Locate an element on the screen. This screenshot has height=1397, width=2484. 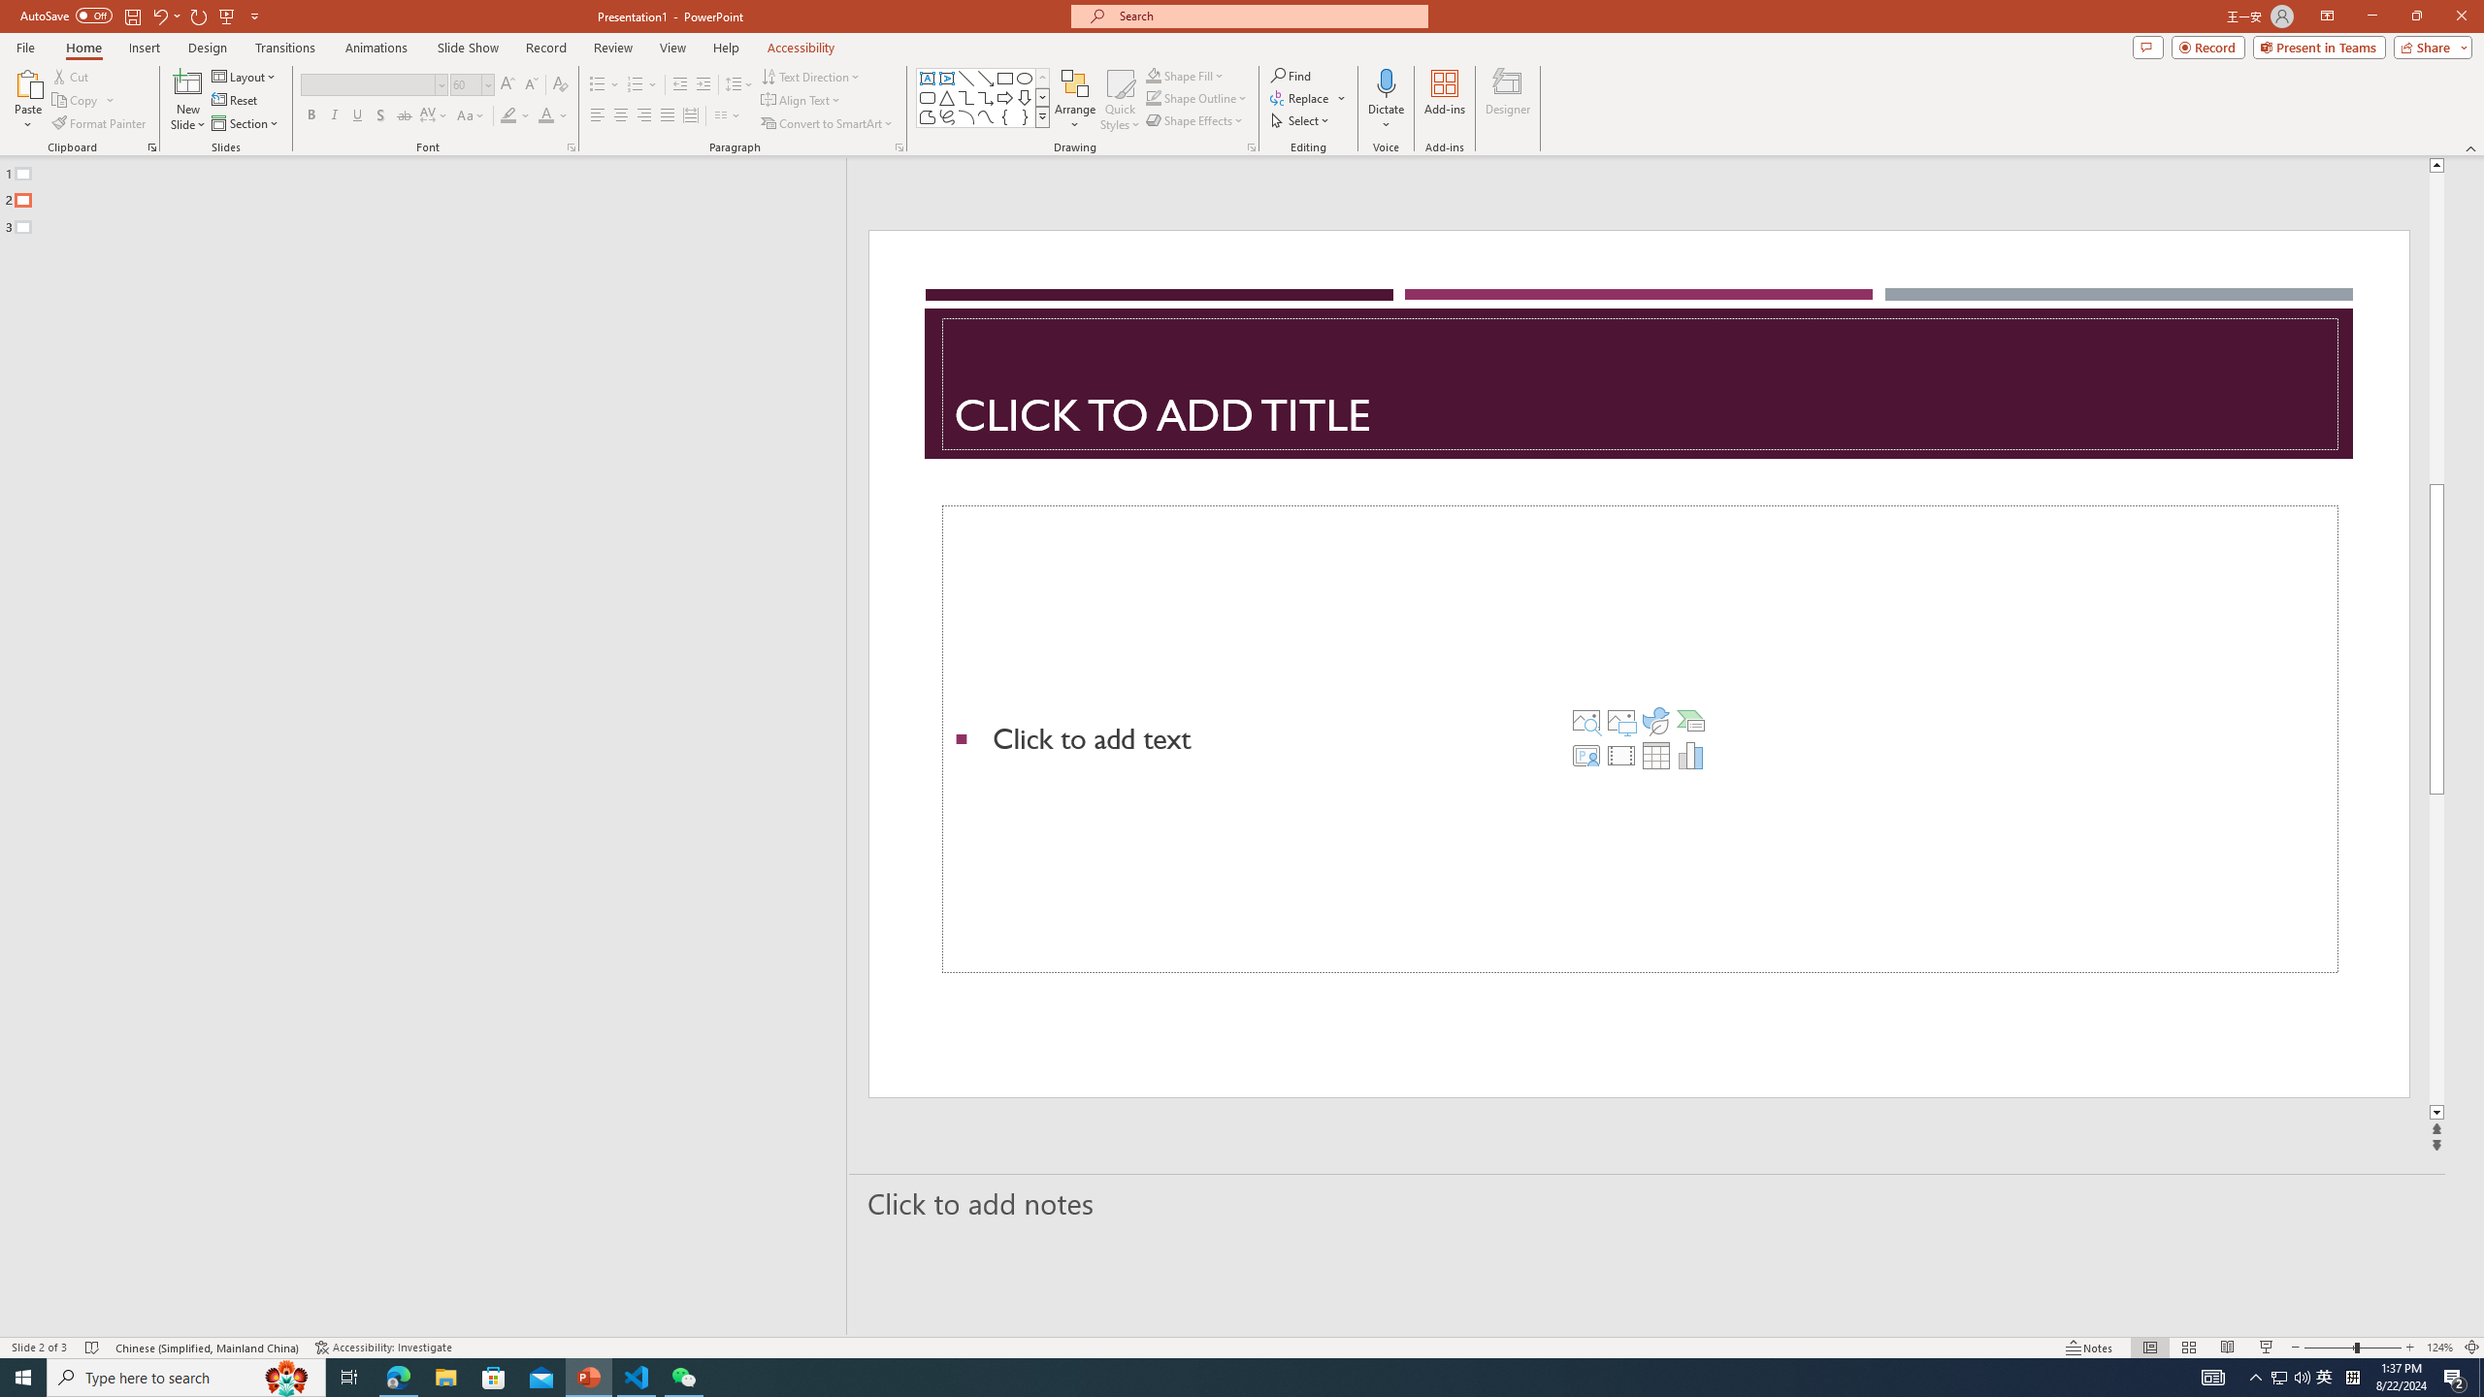
'Shape Outline Blue, Accent 1' is located at coordinates (1154, 96).